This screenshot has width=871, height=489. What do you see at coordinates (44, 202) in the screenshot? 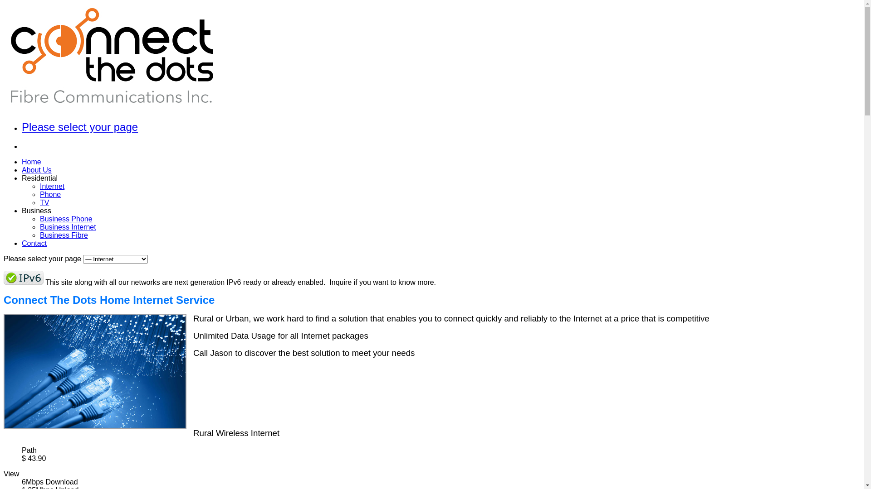
I see `'TV'` at bounding box center [44, 202].